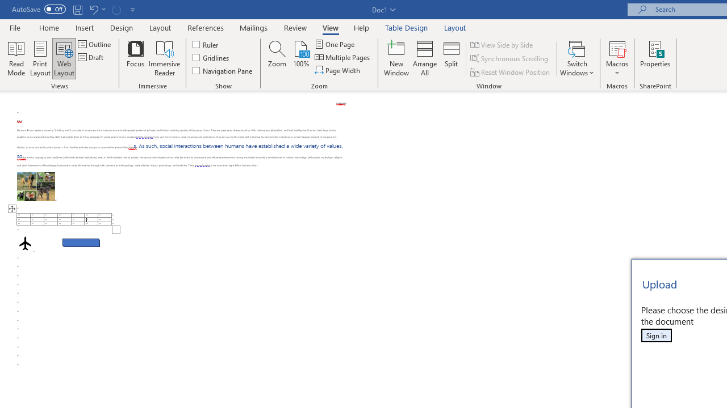 This screenshot has width=727, height=408. Describe the element at coordinates (511, 72) in the screenshot. I see `'Reset Window Position'` at that location.